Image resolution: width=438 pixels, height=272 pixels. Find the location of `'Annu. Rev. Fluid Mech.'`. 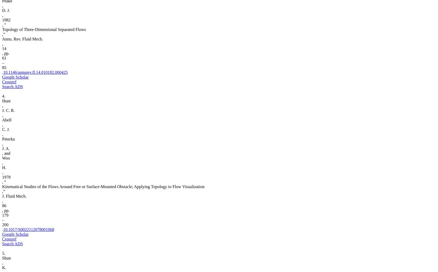

'Annu. Rev. Fluid Mech.' is located at coordinates (22, 39).